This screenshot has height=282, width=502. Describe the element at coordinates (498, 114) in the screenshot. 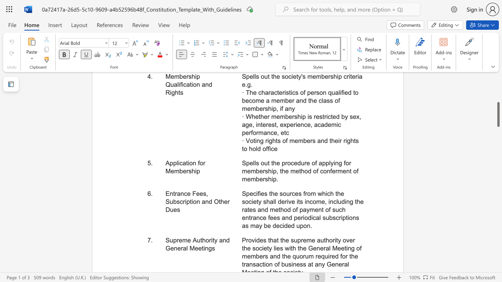

I see `the scrollbar and move down 340 pixels` at that location.